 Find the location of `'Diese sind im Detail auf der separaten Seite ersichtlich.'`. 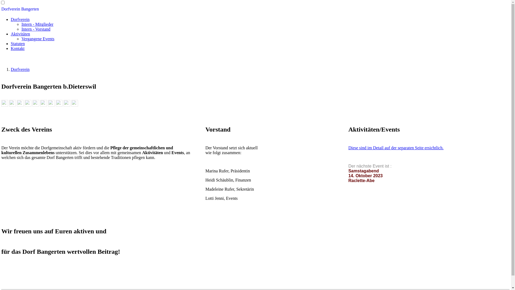

'Diese sind im Detail auf der separaten Seite ersichtlich.' is located at coordinates (396, 148).